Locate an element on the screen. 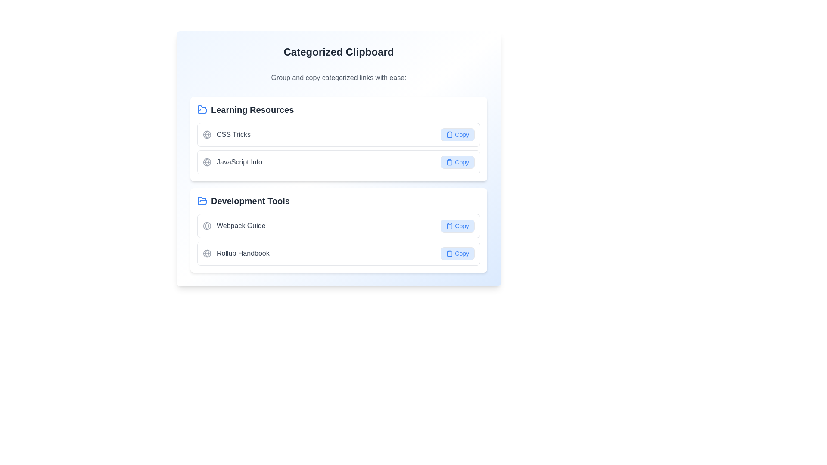 This screenshot has height=465, width=827. the 'Webpack Guide' text label, which is styled in a sans-serif font and positioned next to a globe icon is located at coordinates (241, 225).